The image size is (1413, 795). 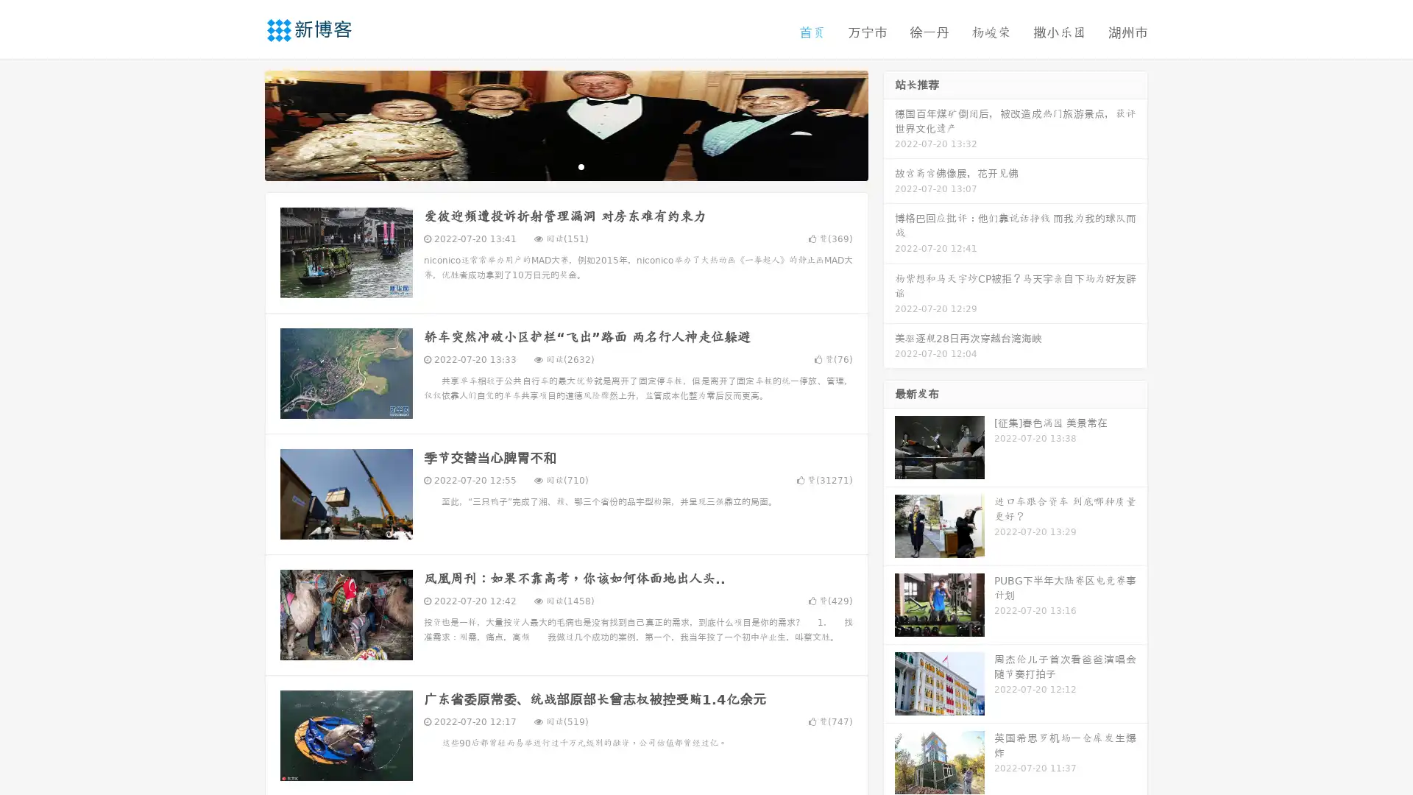 I want to click on Previous slide, so click(x=243, y=124).